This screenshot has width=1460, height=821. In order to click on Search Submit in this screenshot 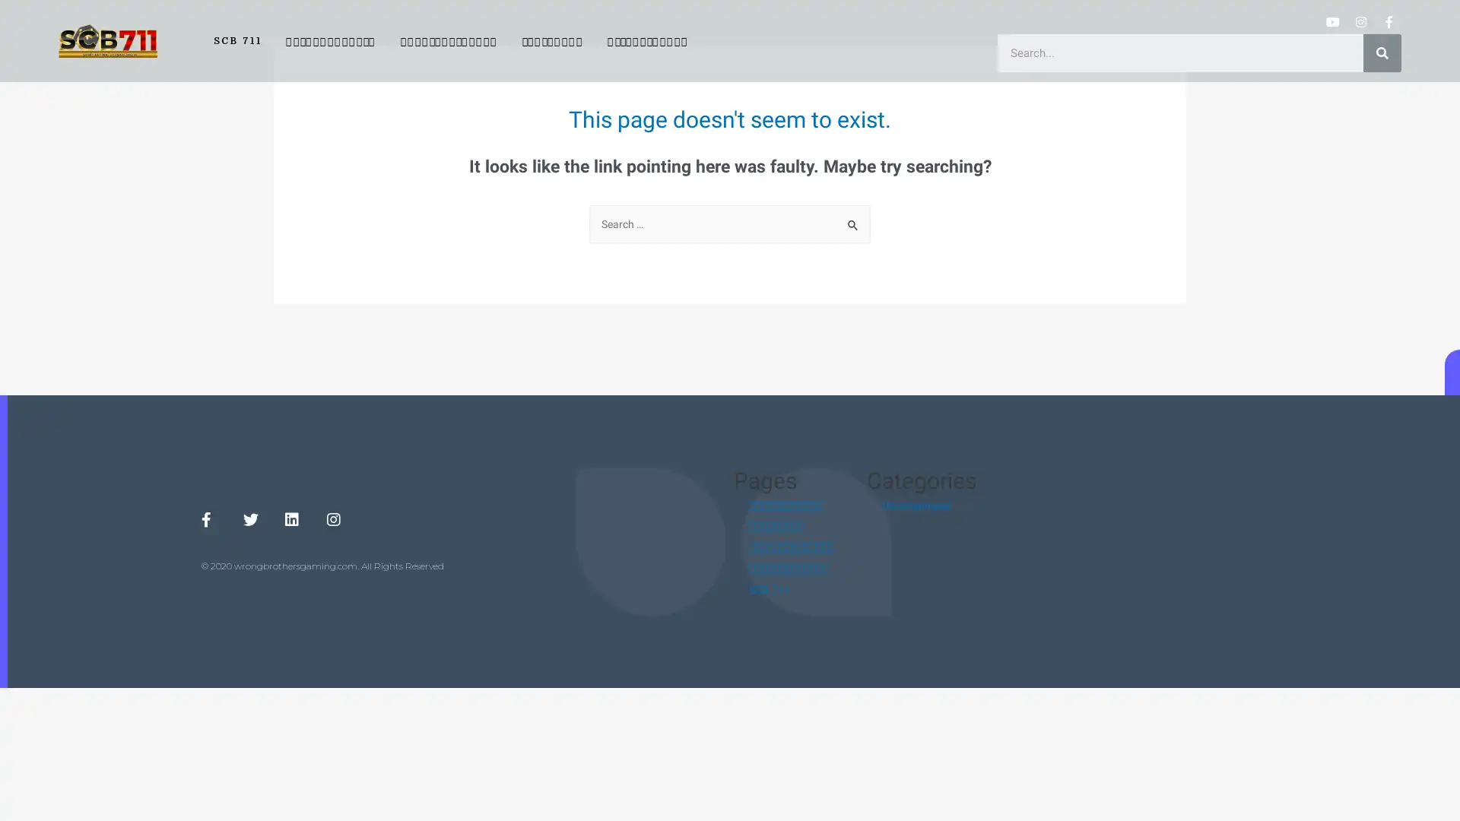, I will do `click(853, 226)`.